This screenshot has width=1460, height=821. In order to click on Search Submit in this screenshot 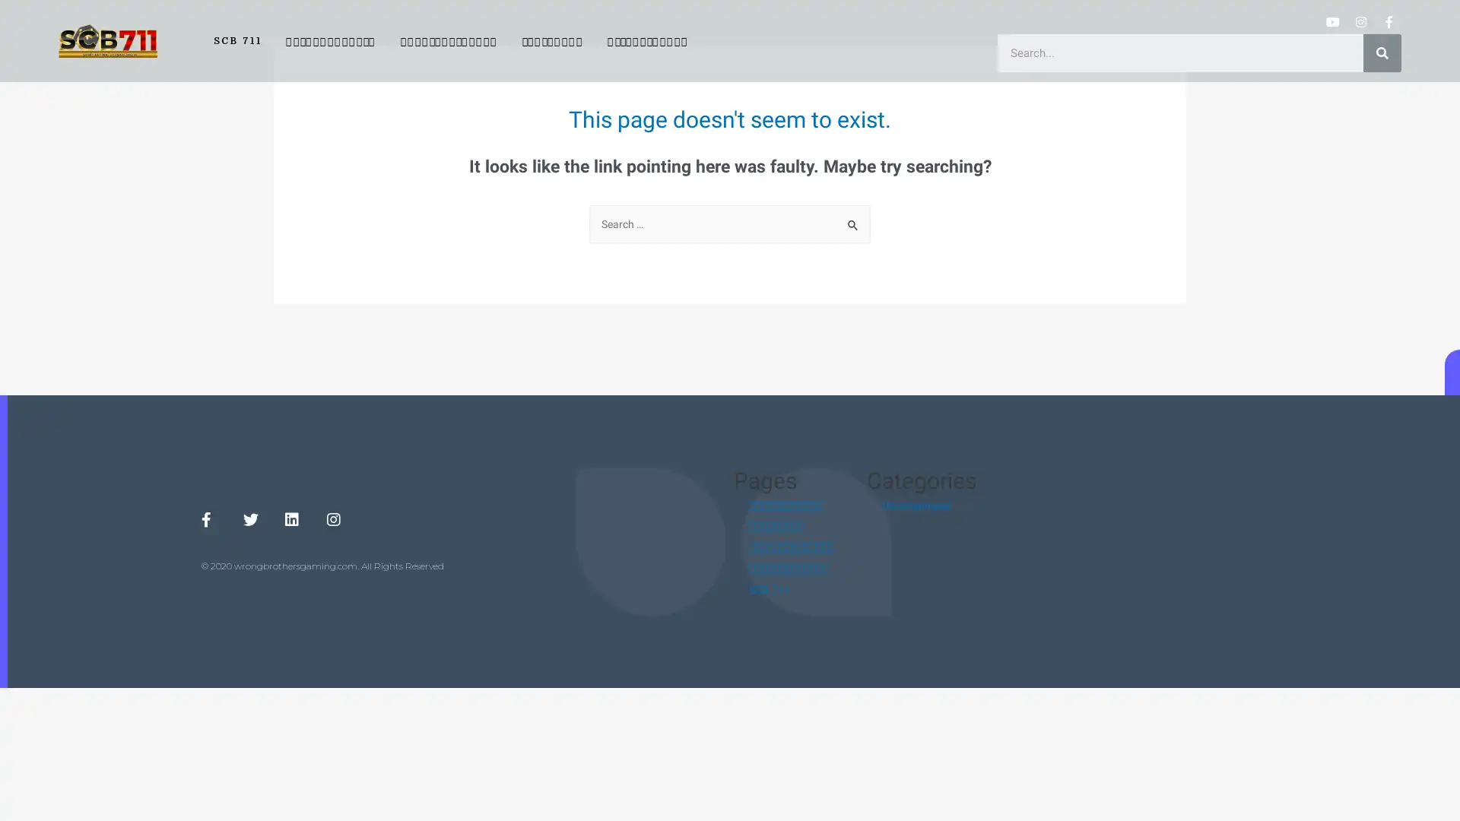, I will do `click(853, 226)`.